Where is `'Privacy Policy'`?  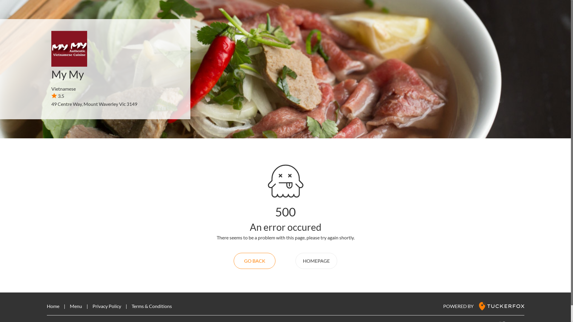
'Privacy Policy' is located at coordinates (107, 306).